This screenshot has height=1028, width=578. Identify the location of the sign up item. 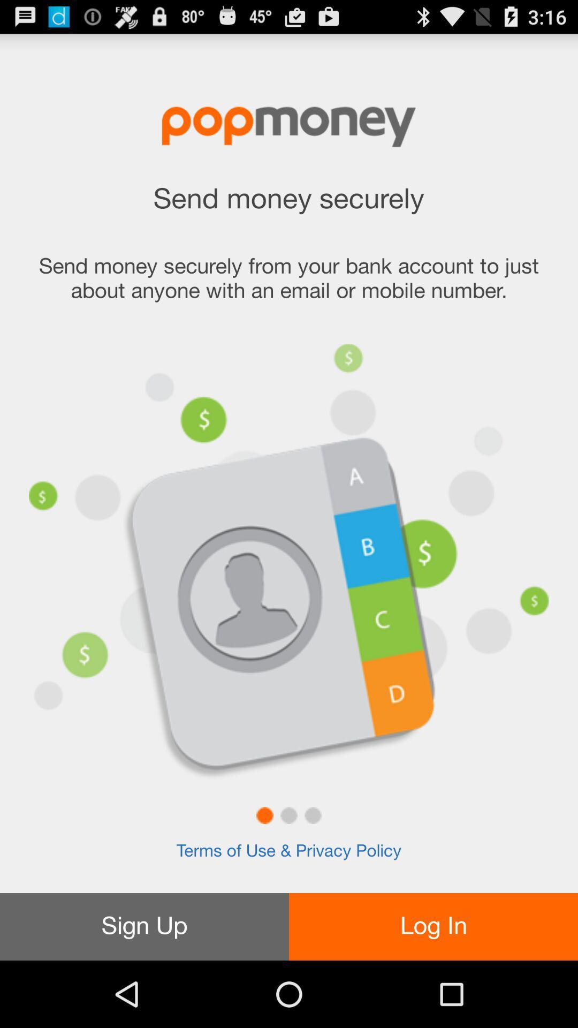
(144, 926).